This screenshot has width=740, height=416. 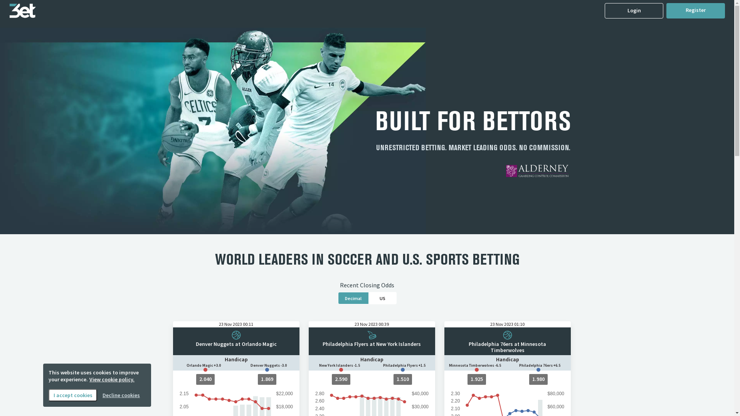 What do you see at coordinates (604, 10) in the screenshot?
I see `'Login'` at bounding box center [604, 10].